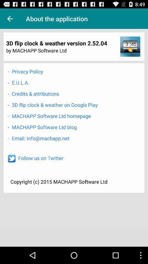 The width and height of the screenshot is (148, 264). What do you see at coordinates (130, 46) in the screenshot?
I see `the item next to the by machapp software icon` at bounding box center [130, 46].